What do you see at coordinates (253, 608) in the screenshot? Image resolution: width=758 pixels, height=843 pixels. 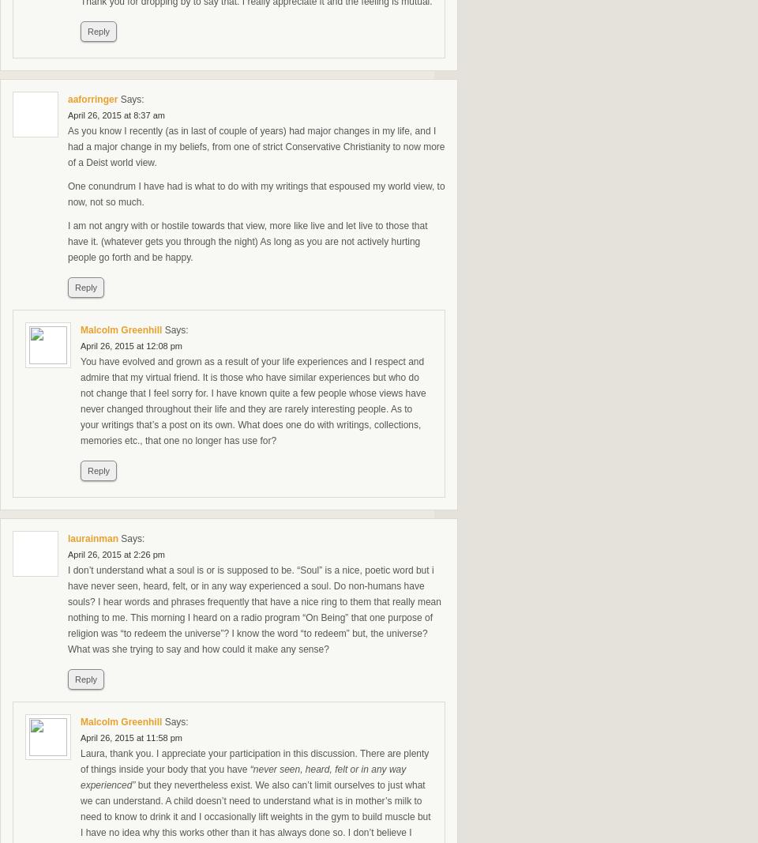 I see `'I don’t understand what a soul is or is supposed to be. “Soul” is a nice, poetic word but i have never seen, heard, felt, or in any way experienced a soul. Do non-humans have souls? I hear words and phrases frequently that have a nice ring to them that really mean nothing to me.  This morning I heard on a radio program “On Being” that one purpose of religion was “to redeem the universe”?  I know the word “to redeem” but, the universe? What was she trying to say and how could it make any sense?'` at bounding box center [253, 608].